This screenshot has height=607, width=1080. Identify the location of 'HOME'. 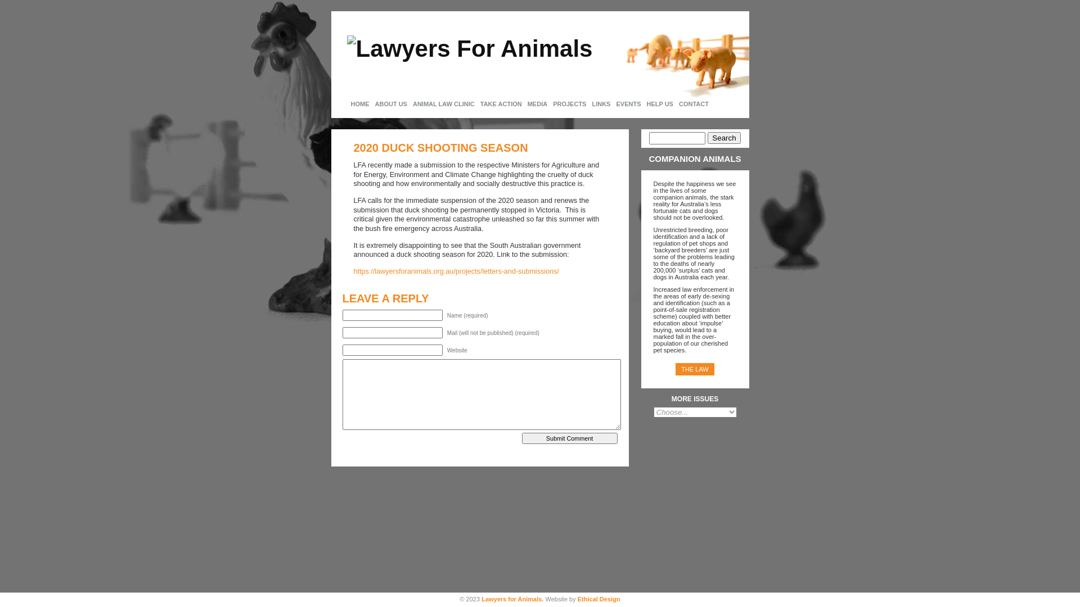
(347, 104).